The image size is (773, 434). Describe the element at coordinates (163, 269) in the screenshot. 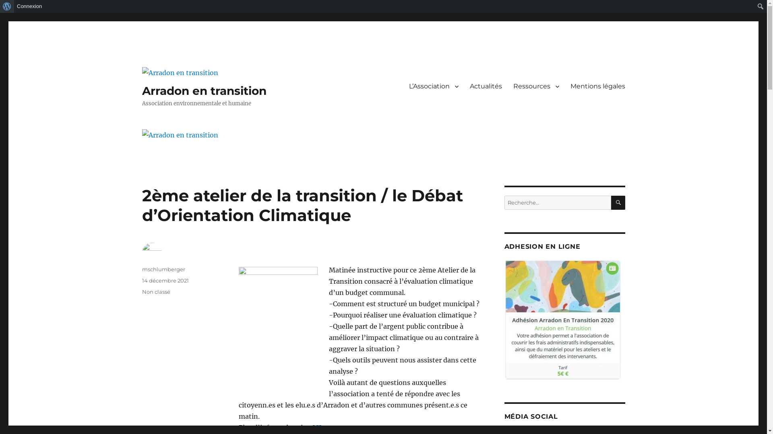

I see `'mschlumberger'` at that location.